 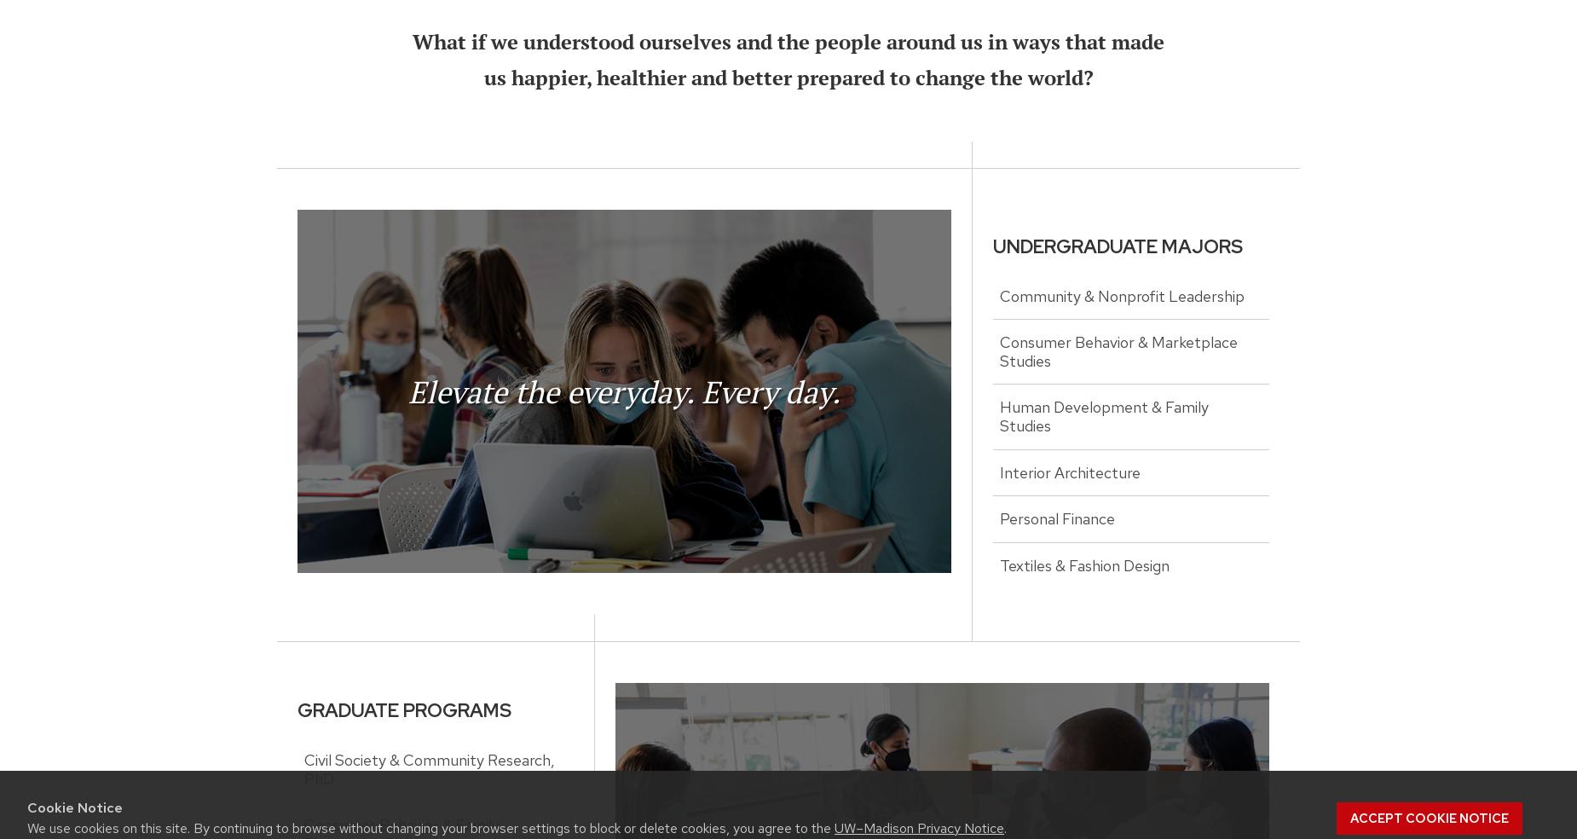 I want to click on 'Accept cookie notice', so click(x=1430, y=818).